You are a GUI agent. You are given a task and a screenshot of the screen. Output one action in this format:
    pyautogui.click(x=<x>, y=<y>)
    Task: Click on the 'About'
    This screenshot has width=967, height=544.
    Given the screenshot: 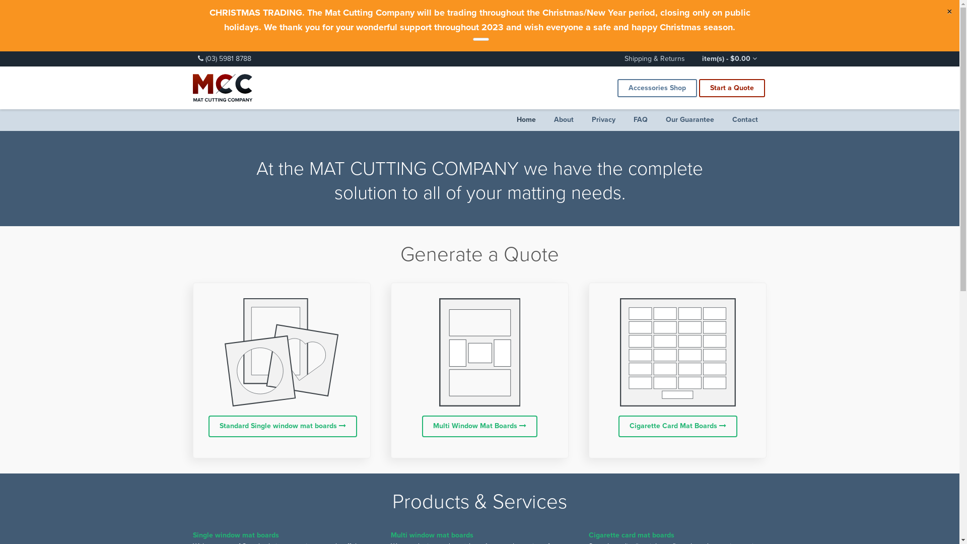 What is the action you would take?
    pyautogui.click(x=563, y=119)
    